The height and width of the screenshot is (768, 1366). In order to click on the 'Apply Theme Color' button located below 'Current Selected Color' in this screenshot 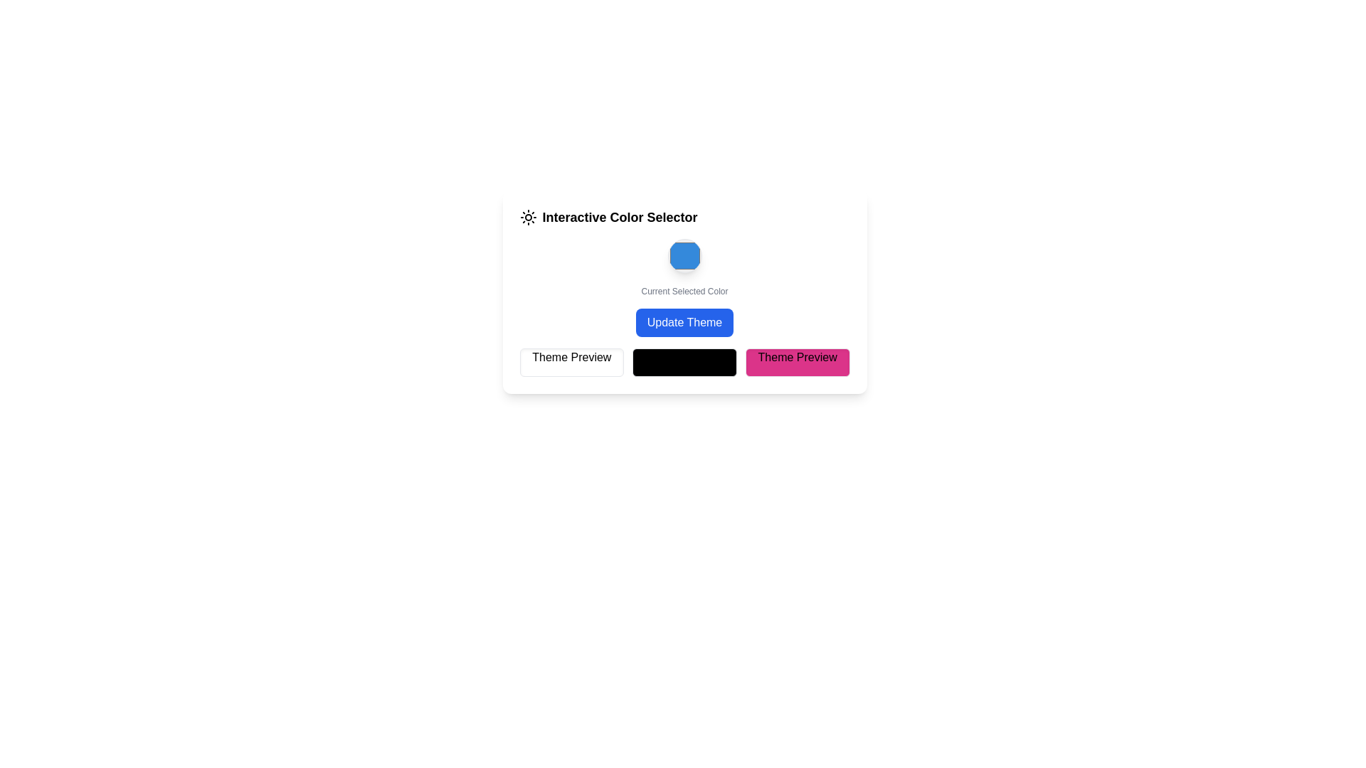, I will do `click(684, 323)`.